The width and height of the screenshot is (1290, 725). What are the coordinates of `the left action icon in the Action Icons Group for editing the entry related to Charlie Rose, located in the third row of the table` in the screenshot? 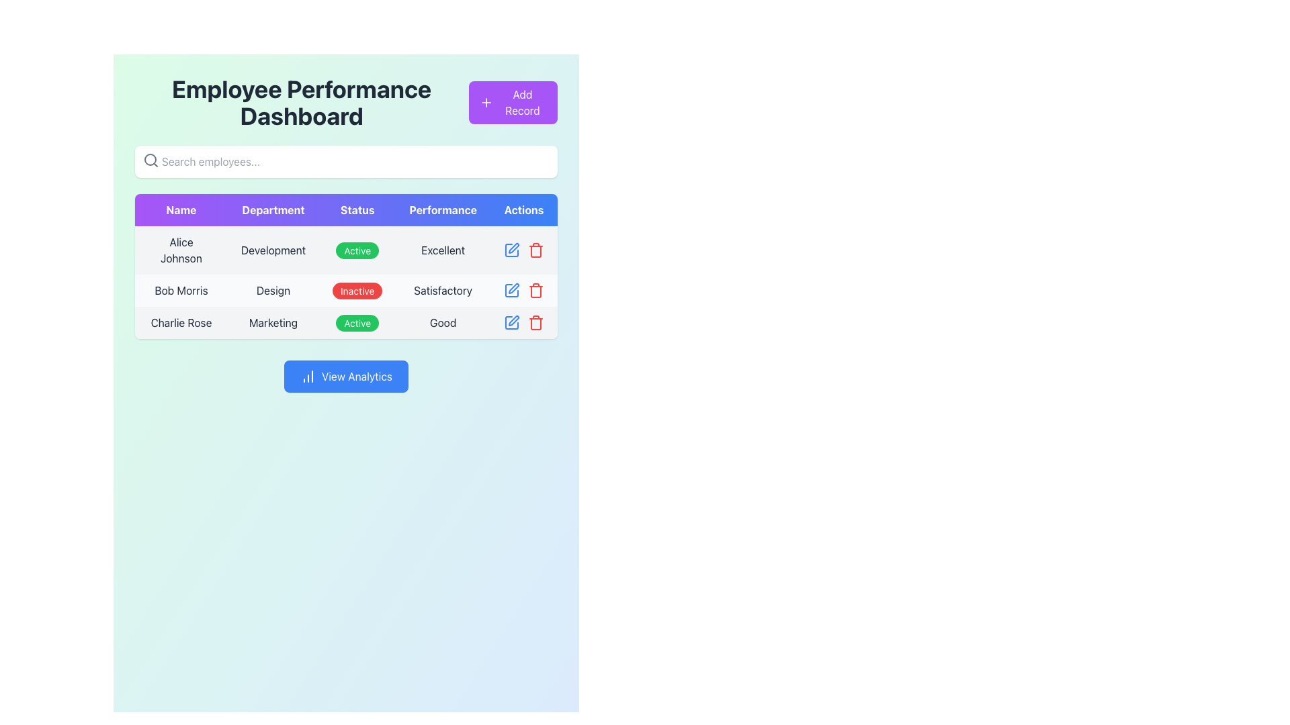 It's located at (523, 323).